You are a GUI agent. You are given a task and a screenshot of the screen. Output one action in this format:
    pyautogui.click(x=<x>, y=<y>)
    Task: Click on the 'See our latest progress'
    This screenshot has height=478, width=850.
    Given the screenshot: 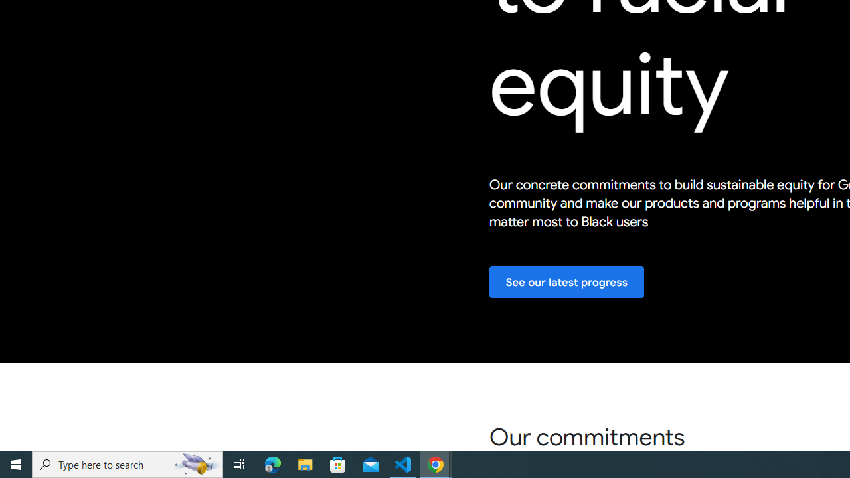 What is the action you would take?
    pyautogui.click(x=566, y=281)
    